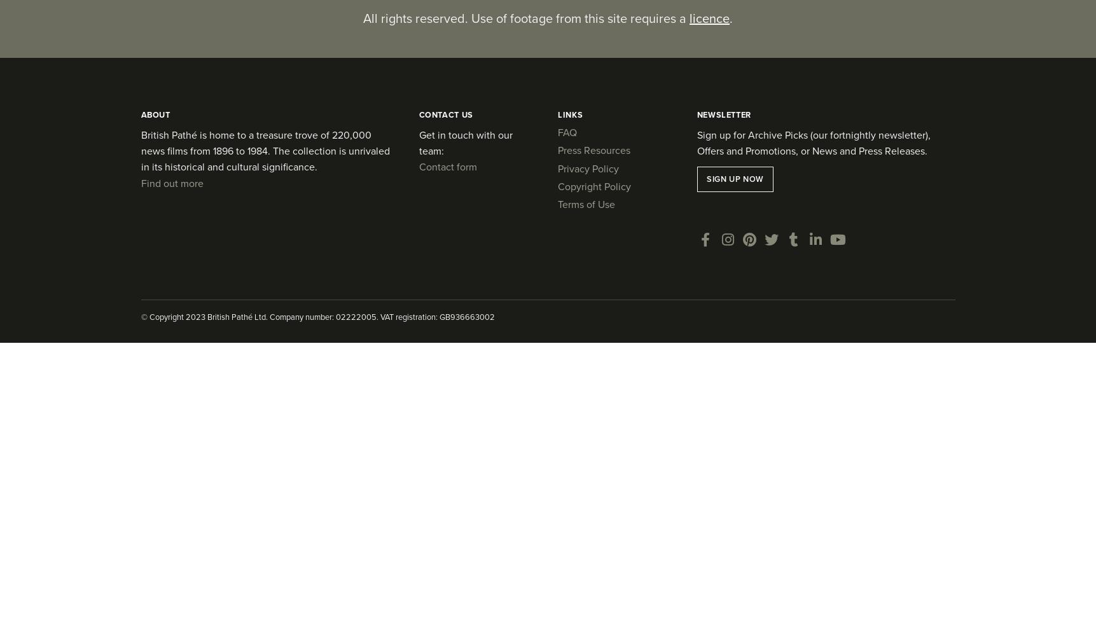 Image resolution: width=1096 pixels, height=636 pixels. What do you see at coordinates (730, 18) in the screenshot?
I see `'.'` at bounding box center [730, 18].